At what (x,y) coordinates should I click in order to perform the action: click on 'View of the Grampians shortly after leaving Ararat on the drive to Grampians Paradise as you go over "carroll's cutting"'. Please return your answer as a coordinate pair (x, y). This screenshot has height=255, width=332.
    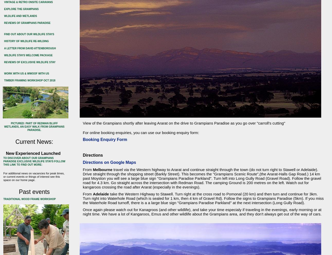
    Looking at the image, I should click on (184, 123).